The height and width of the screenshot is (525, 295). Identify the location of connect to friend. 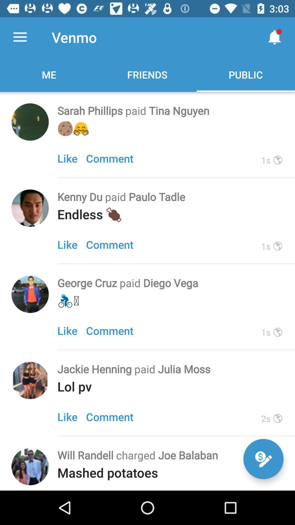
(30, 466).